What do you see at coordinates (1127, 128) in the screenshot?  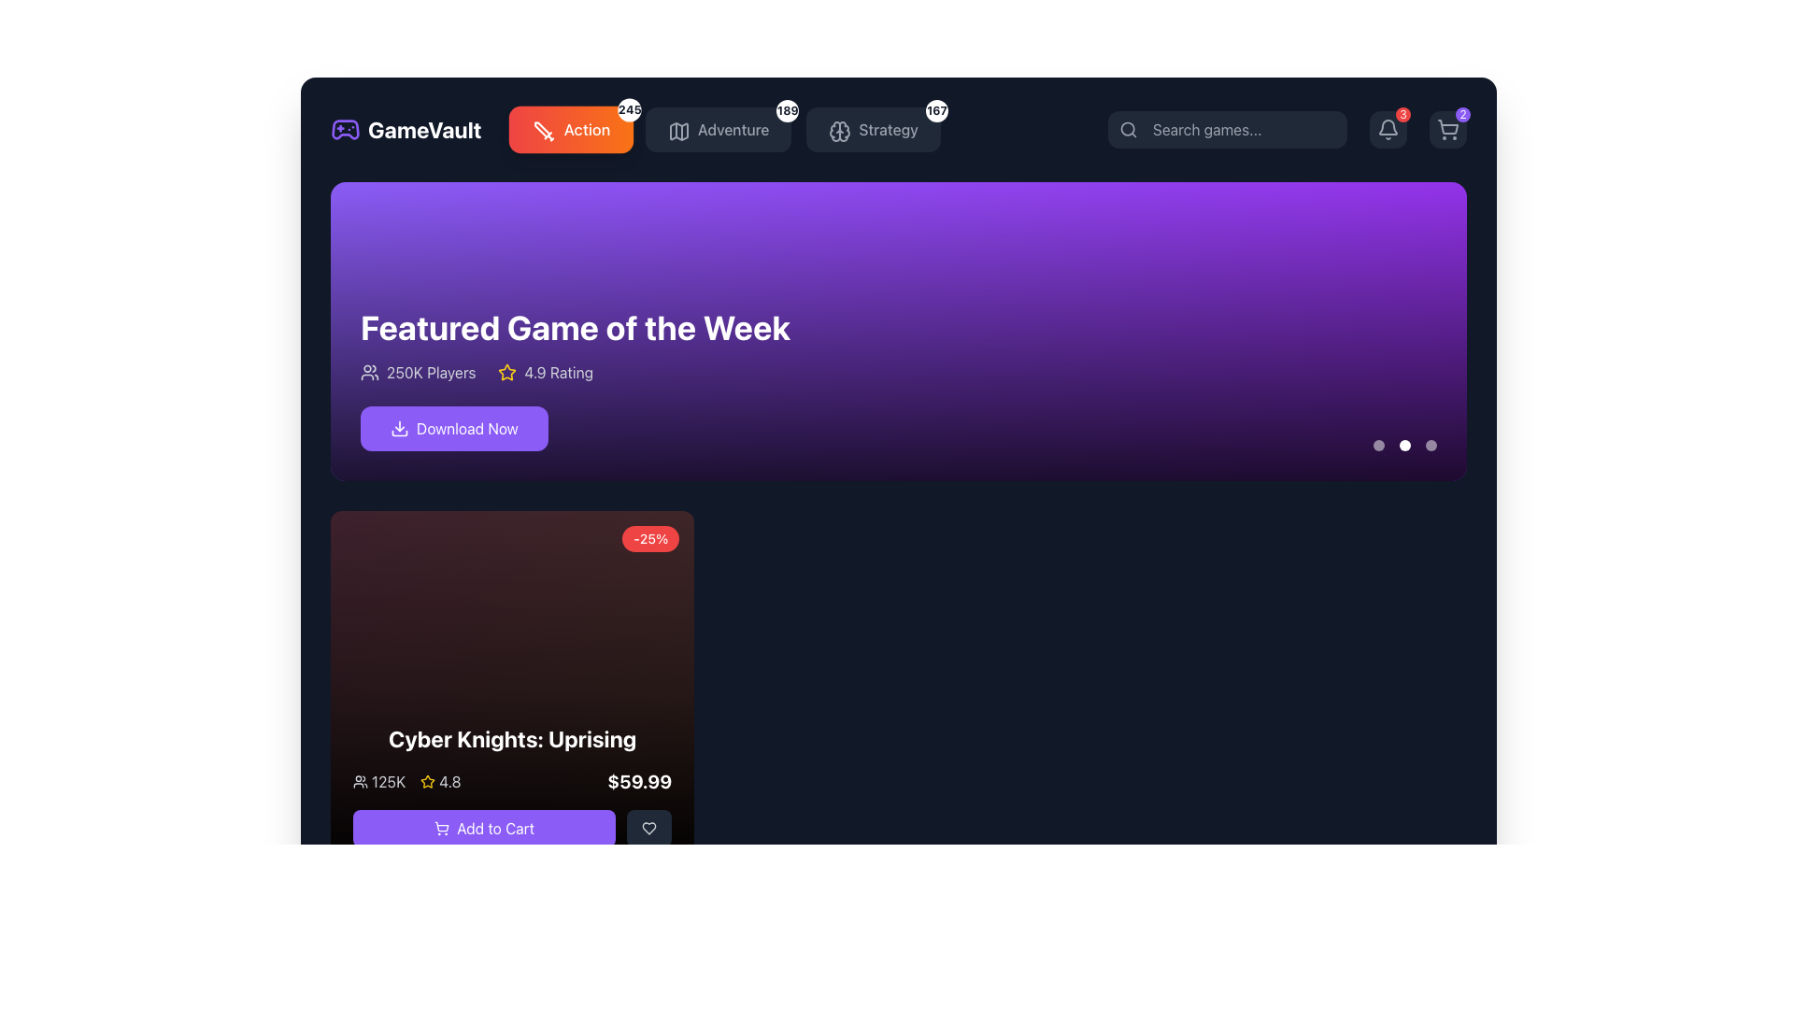 I see `the circular portion of the magnifying glass icon located on the right side of the top navigation bar, which serves as a decorative part of the search icon` at bounding box center [1127, 128].